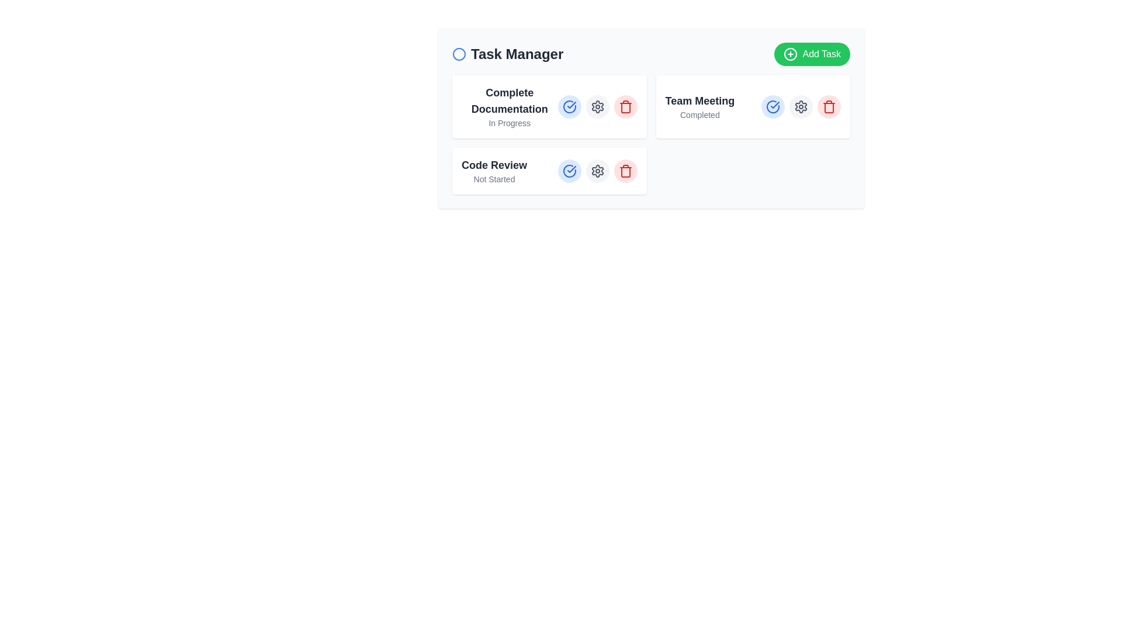 The image size is (1122, 631). What do you see at coordinates (494, 171) in the screenshot?
I see `the text block indicating the title 'Code Review' with status 'Not Started', located in the left section of the second row of the task manager interface` at bounding box center [494, 171].